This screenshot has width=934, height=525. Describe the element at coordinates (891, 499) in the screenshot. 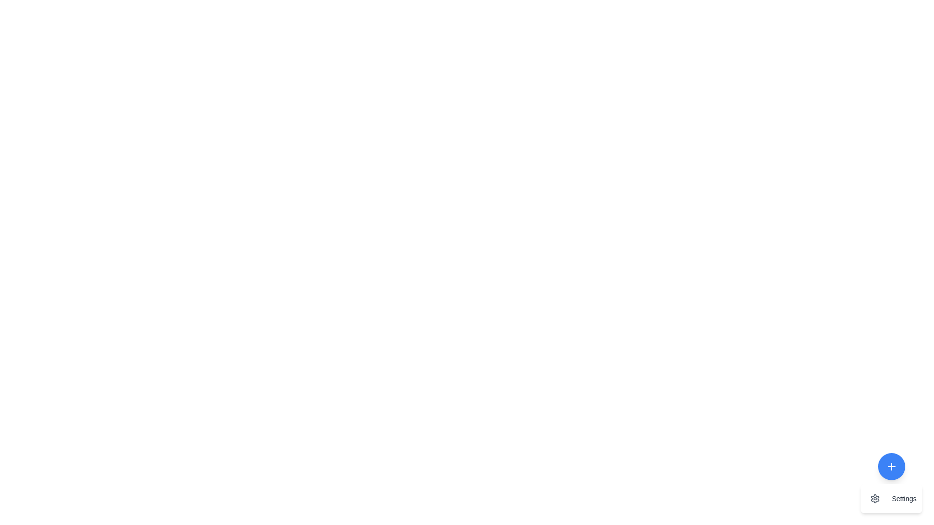

I see `the interactive label with a gear icon and 'Settings' text` at that location.